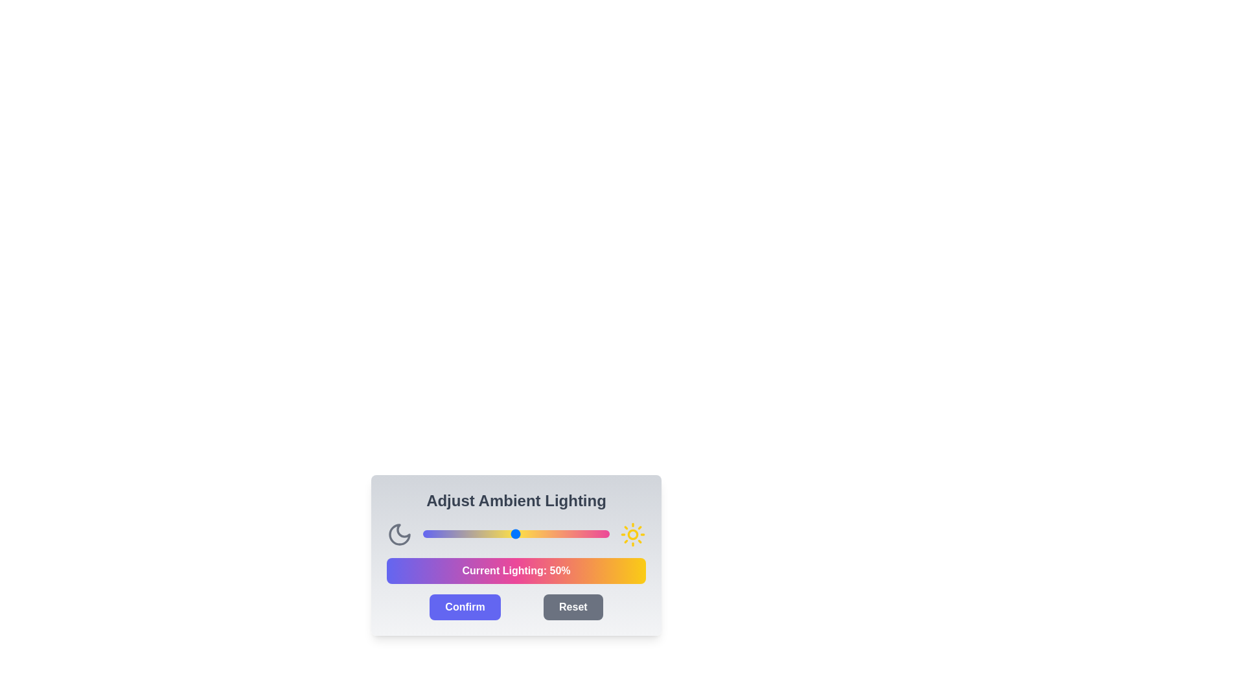 The image size is (1244, 700). I want to click on the 'Confirm' button, so click(465, 607).